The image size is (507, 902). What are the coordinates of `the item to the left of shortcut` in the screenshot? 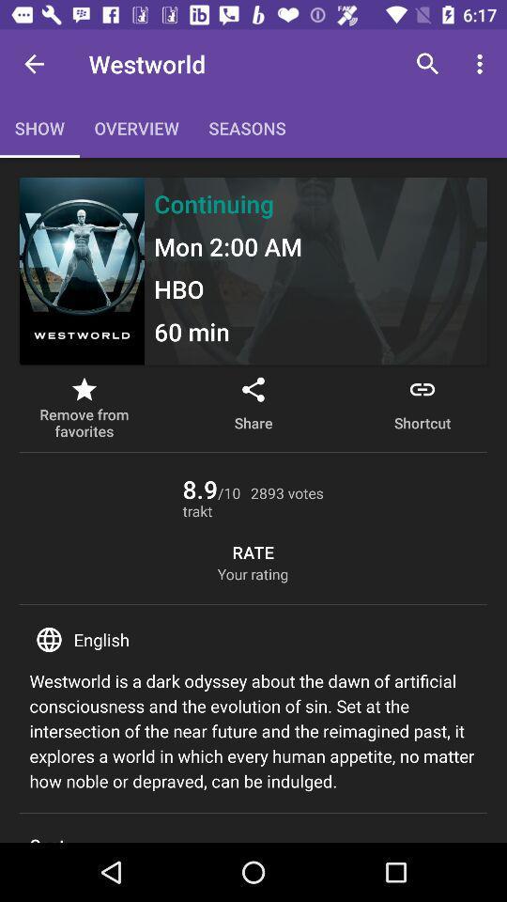 It's located at (253, 408).